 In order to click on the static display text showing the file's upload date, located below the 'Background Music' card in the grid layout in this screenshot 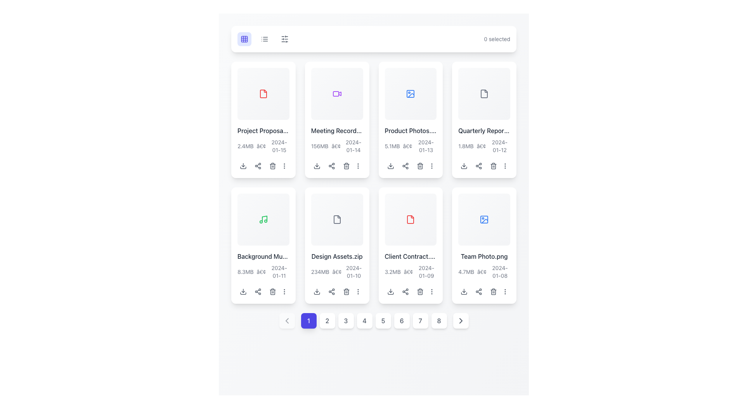, I will do `click(279, 271)`.